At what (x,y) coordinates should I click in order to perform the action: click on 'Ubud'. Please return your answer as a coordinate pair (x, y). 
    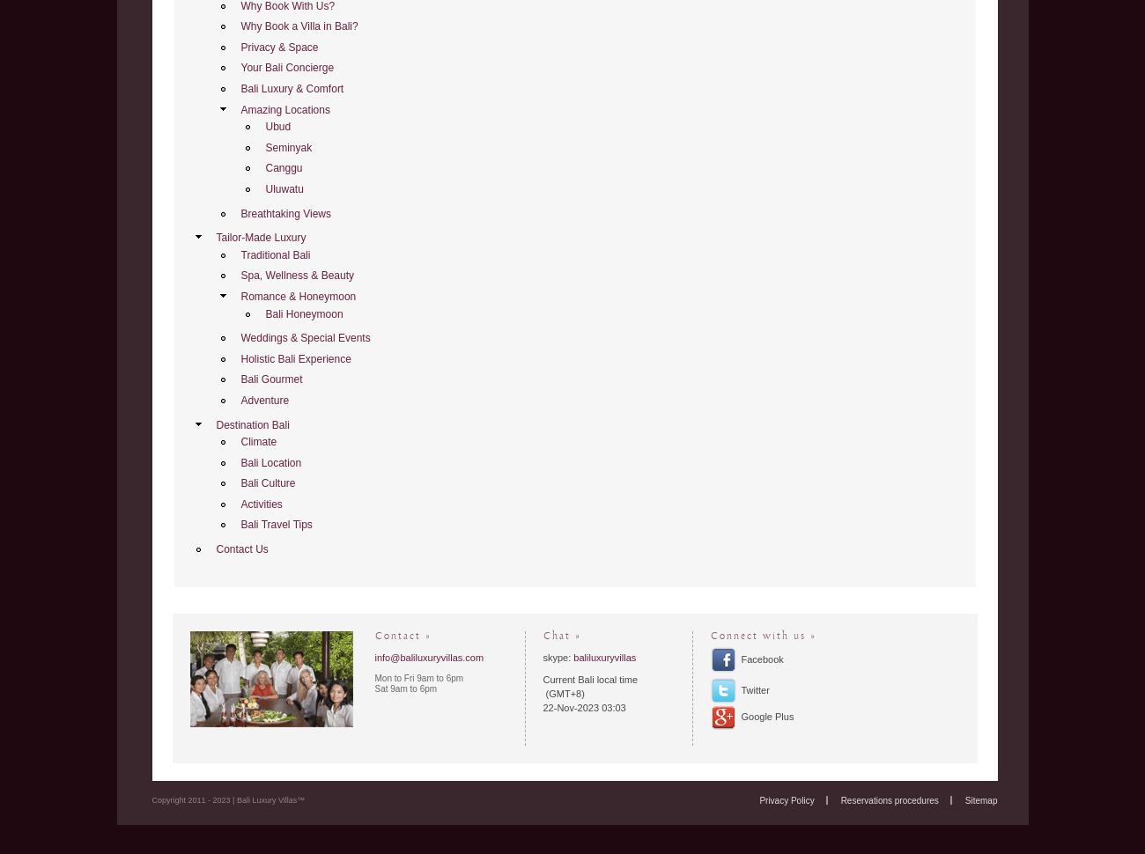
    Looking at the image, I should click on (277, 127).